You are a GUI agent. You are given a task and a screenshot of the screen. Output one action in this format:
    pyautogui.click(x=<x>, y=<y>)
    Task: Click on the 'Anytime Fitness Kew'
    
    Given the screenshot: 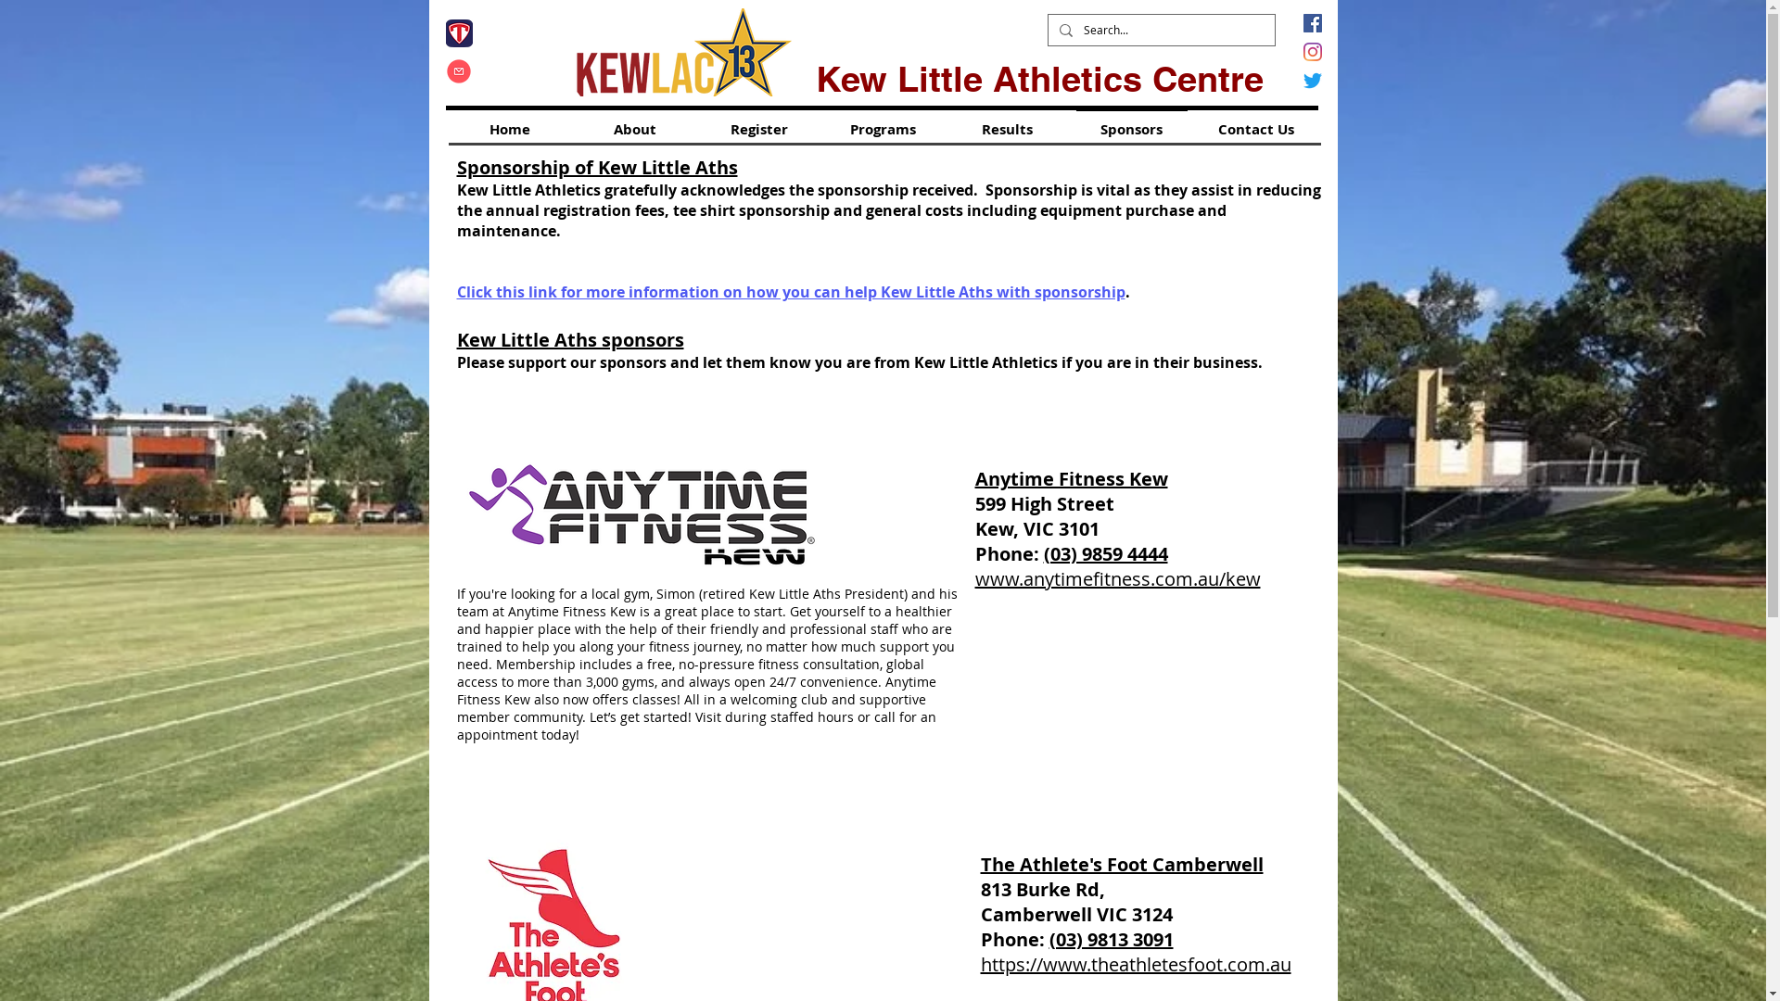 What is the action you would take?
    pyautogui.click(x=1072, y=477)
    